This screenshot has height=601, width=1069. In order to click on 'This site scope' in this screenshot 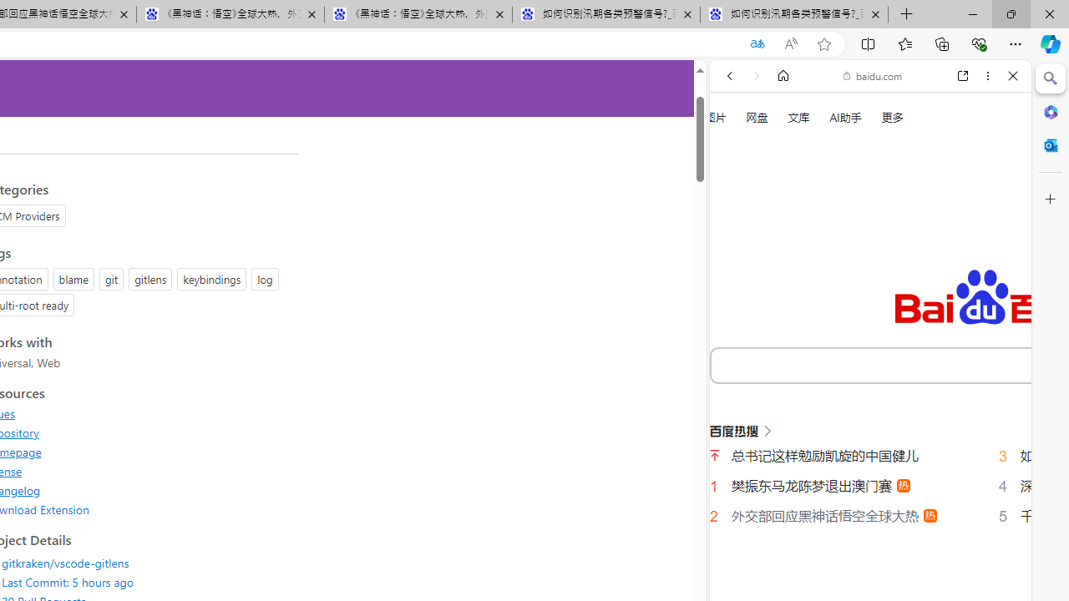, I will do `click(781, 150)`.